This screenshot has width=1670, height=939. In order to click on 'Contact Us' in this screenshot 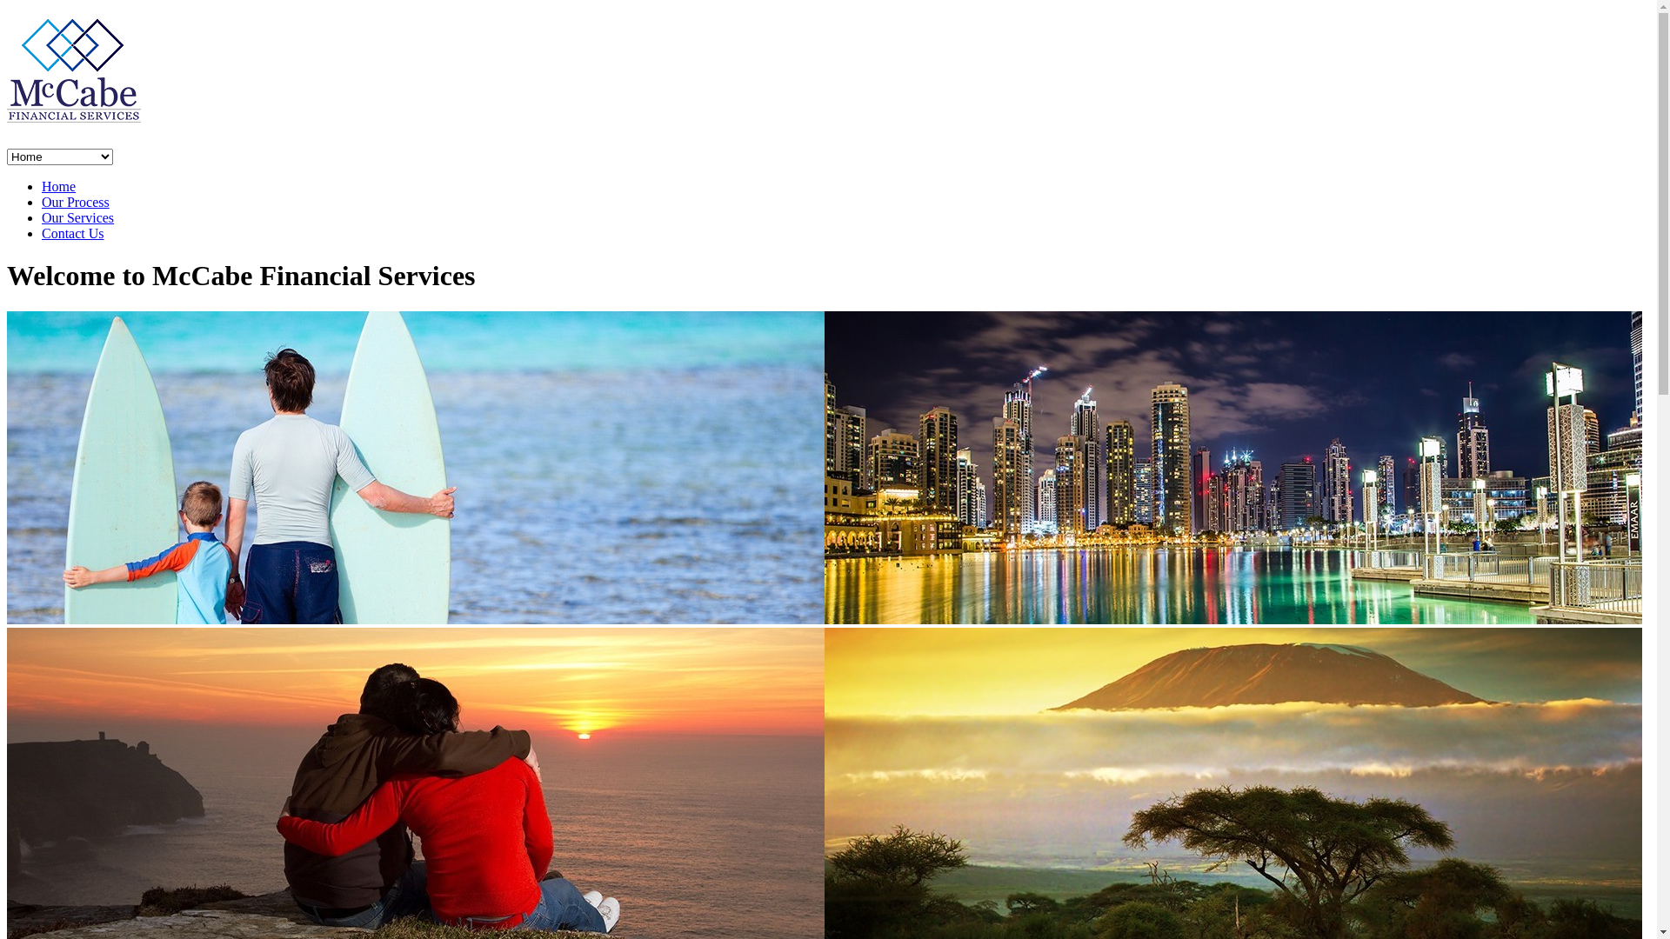, I will do `click(71, 232)`.